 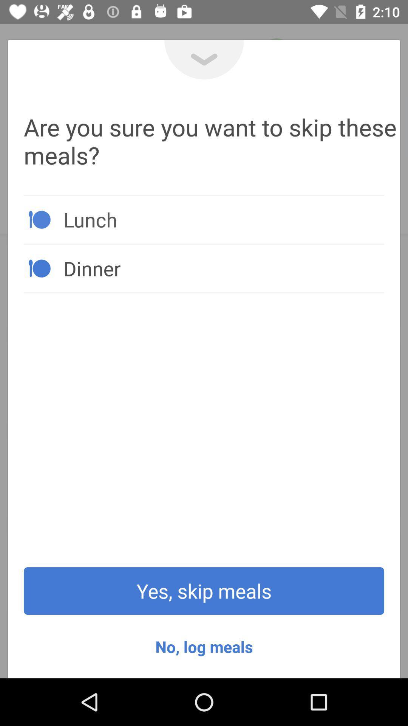 What do you see at coordinates (223, 219) in the screenshot?
I see `lunch item` at bounding box center [223, 219].